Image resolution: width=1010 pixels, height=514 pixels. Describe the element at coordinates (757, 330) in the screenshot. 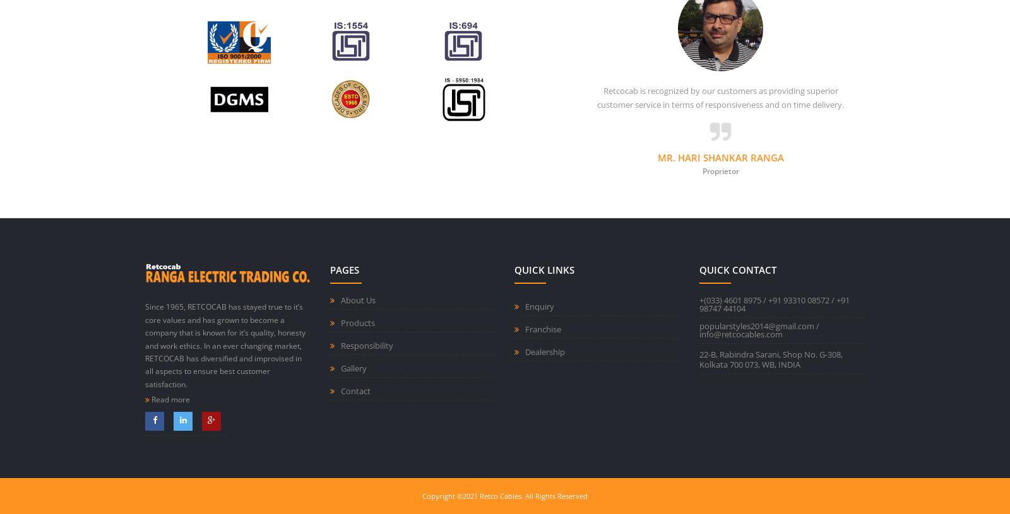

I see `'popularstyles2014@gmail.com / info@retcocables.com'` at that location.